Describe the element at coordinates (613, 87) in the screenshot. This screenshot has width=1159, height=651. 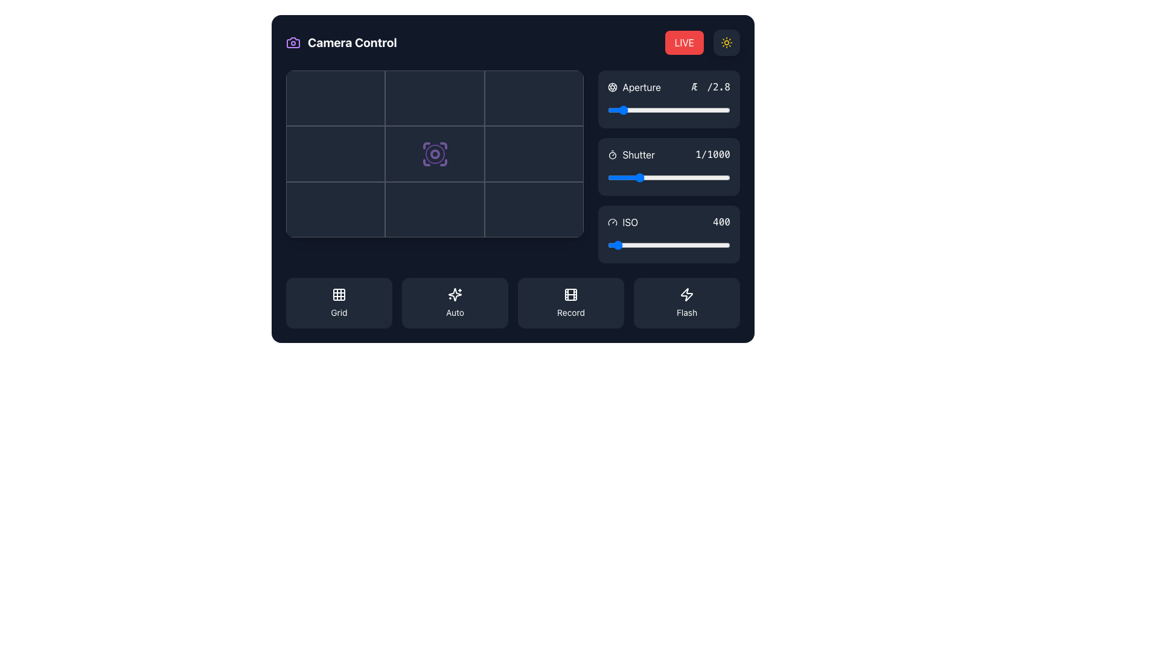
I see `the circular icon styled with line graphics resembling an aperture or camera shutter pattern located in the row labeled 'Aperture' in the right column of the interface` at that location.